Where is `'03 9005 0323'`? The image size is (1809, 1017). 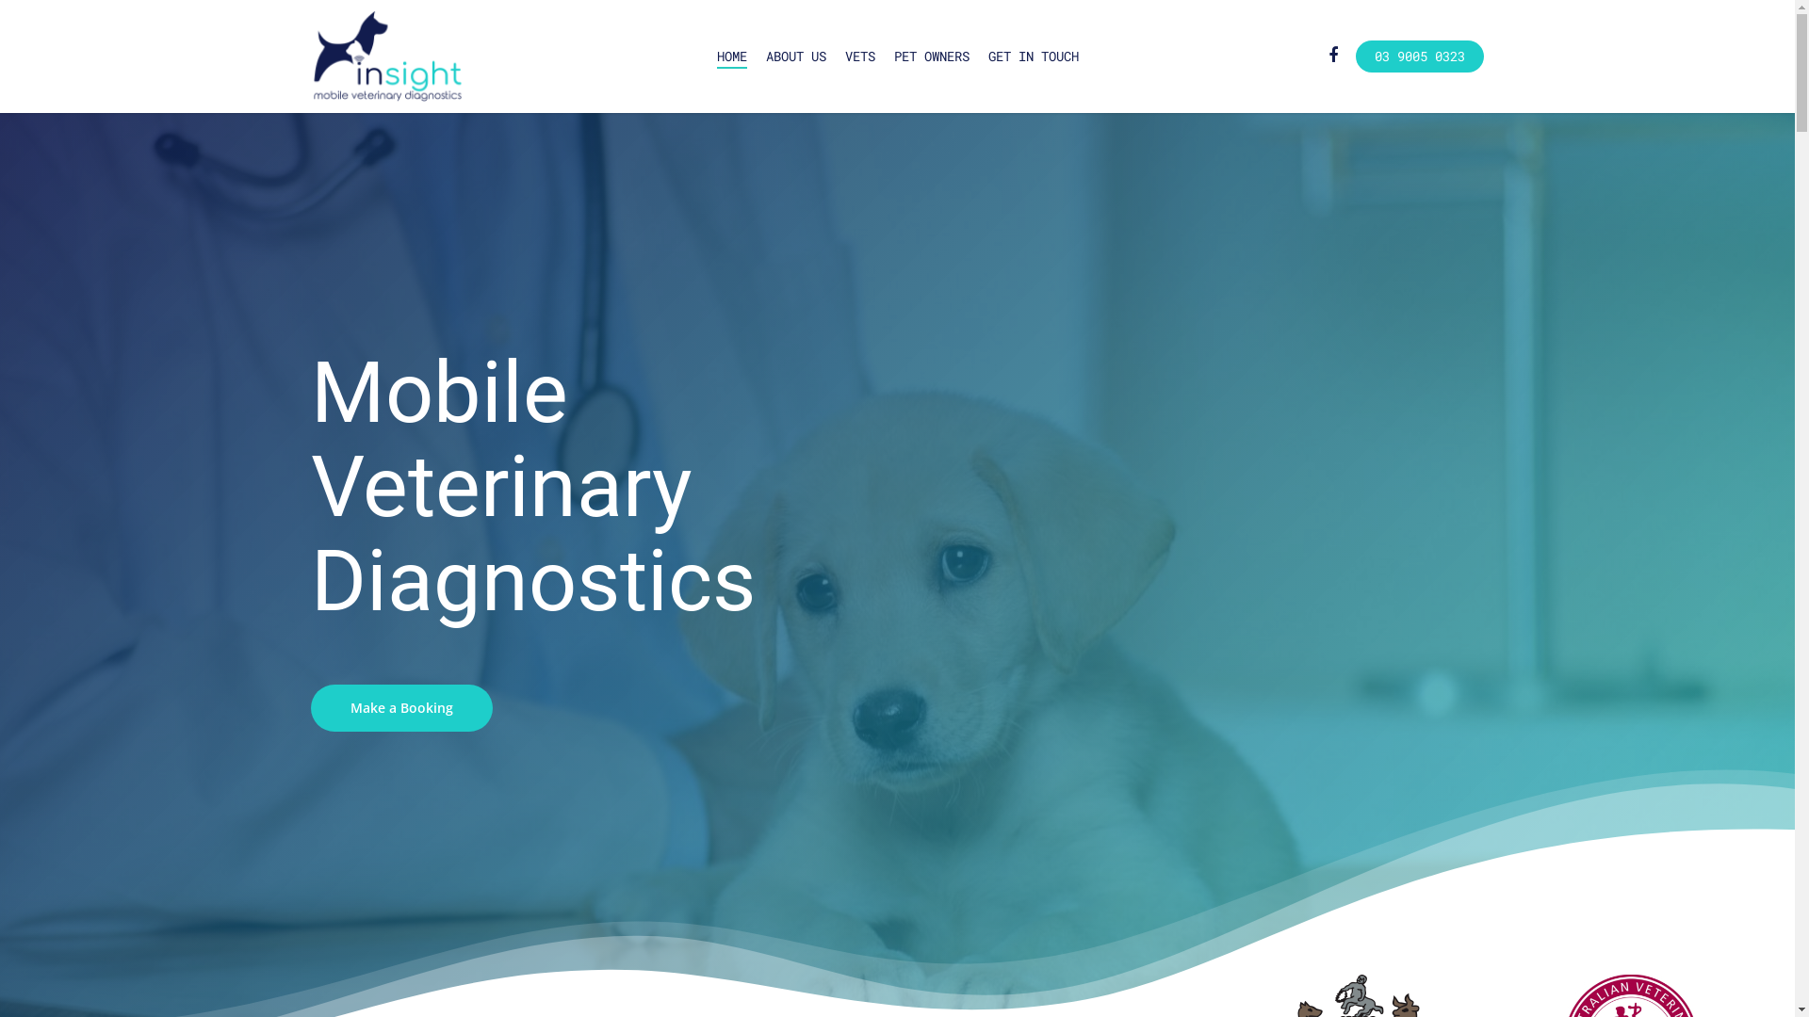
'03 9005 0323' is located at coordinates (1420, 56).